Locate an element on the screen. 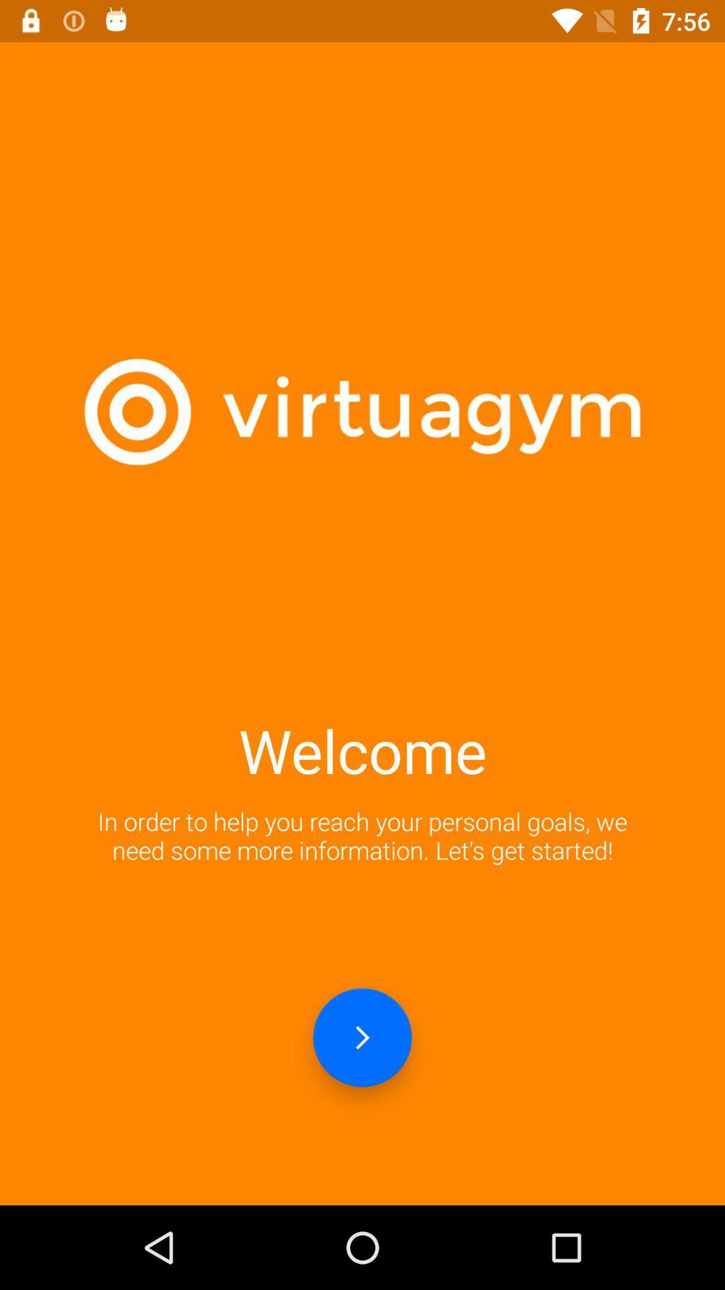  the arrow_forward icon is located at coordinates (362, 1037).